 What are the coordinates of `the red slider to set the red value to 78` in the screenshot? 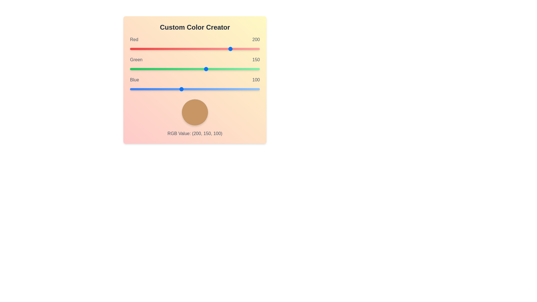 It's located at (169, 48).